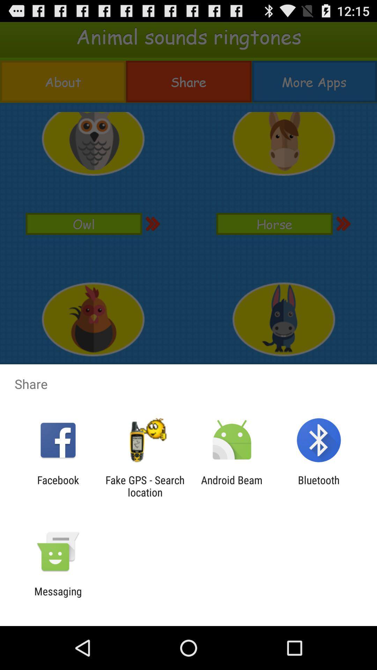  Describe the element at coordinates (145, 486) in the screenshot. I see `the fake gps search app` at that location.